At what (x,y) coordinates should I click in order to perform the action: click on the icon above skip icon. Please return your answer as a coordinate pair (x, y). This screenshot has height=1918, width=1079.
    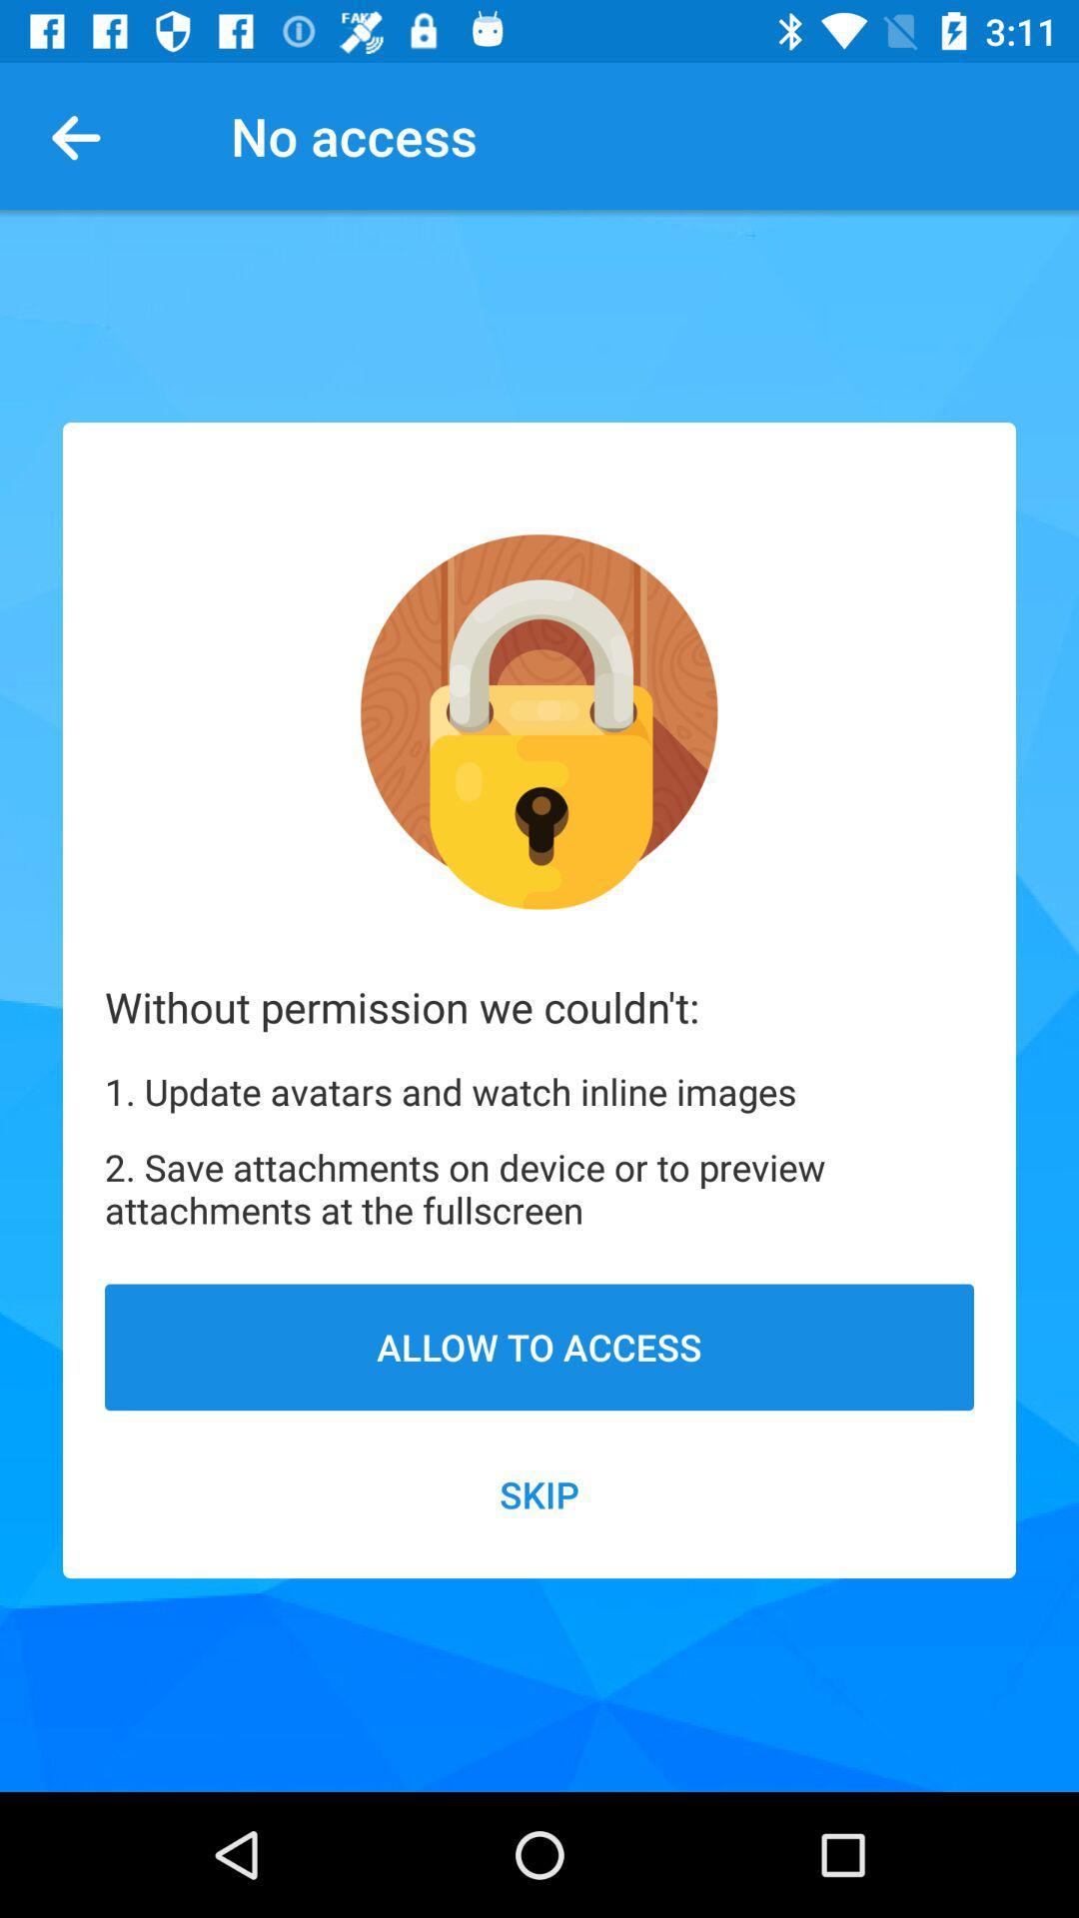
    Looking at the image, I should click on (539, 1347).